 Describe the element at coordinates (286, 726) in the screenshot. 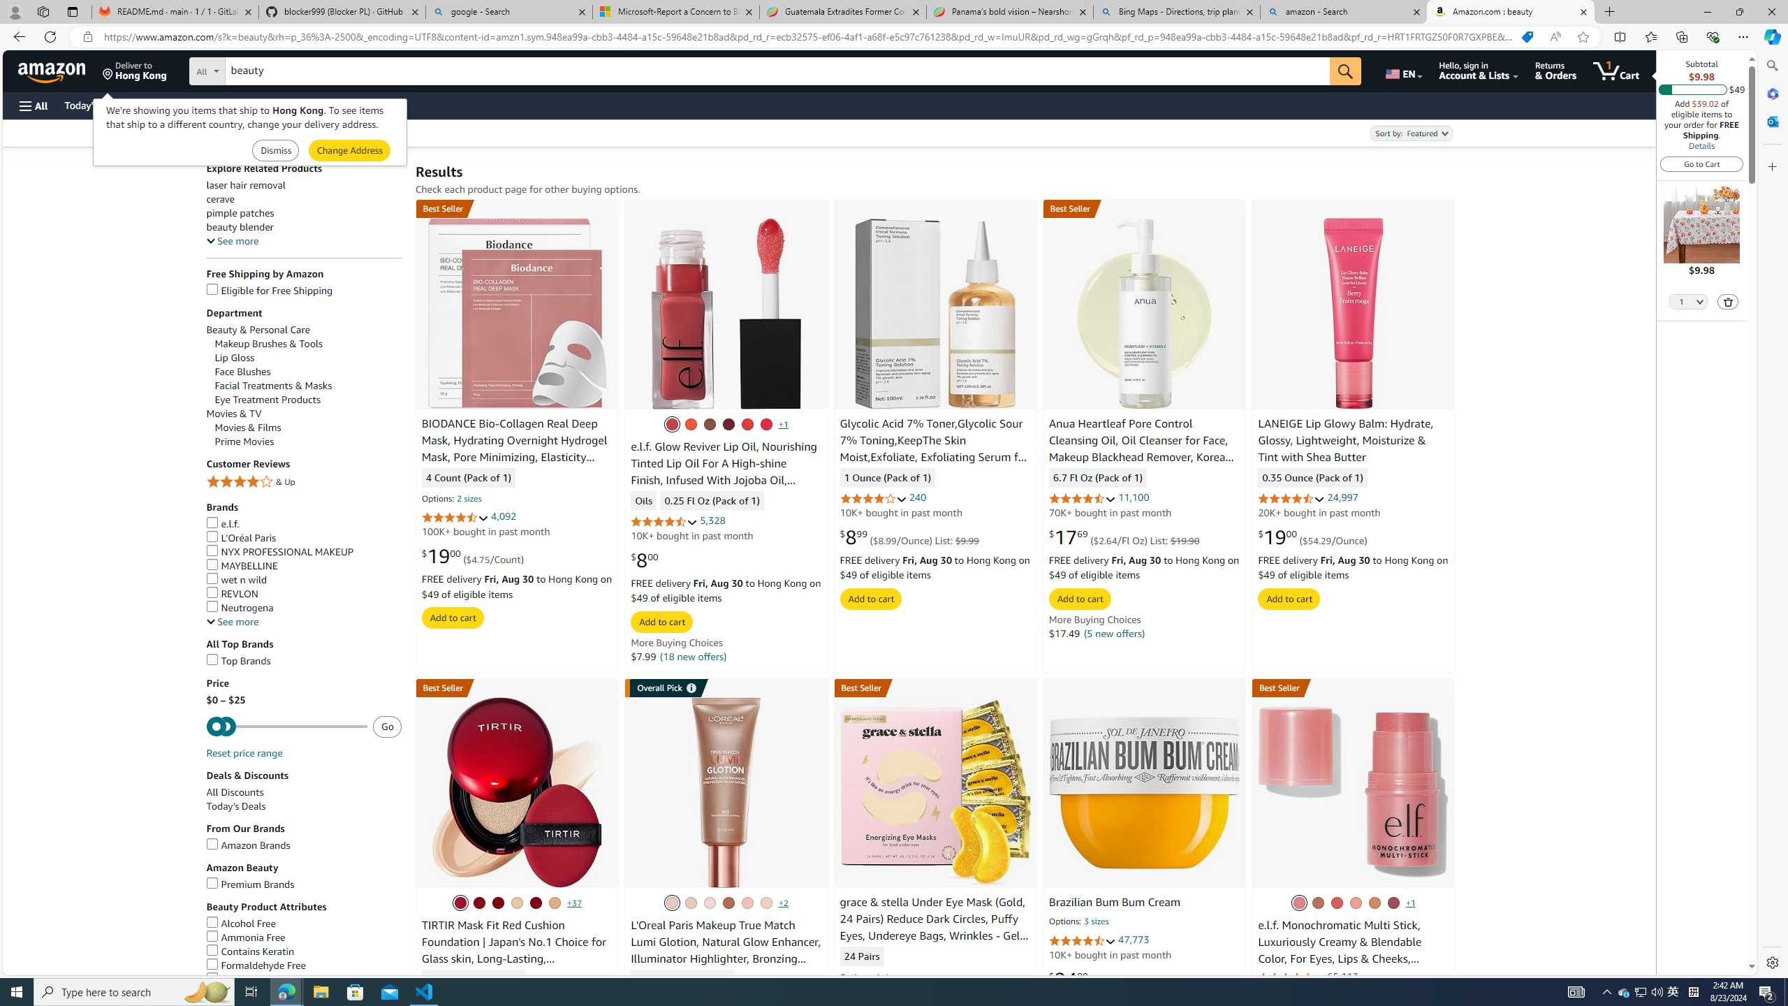

I see `'Minimum'` at that location.